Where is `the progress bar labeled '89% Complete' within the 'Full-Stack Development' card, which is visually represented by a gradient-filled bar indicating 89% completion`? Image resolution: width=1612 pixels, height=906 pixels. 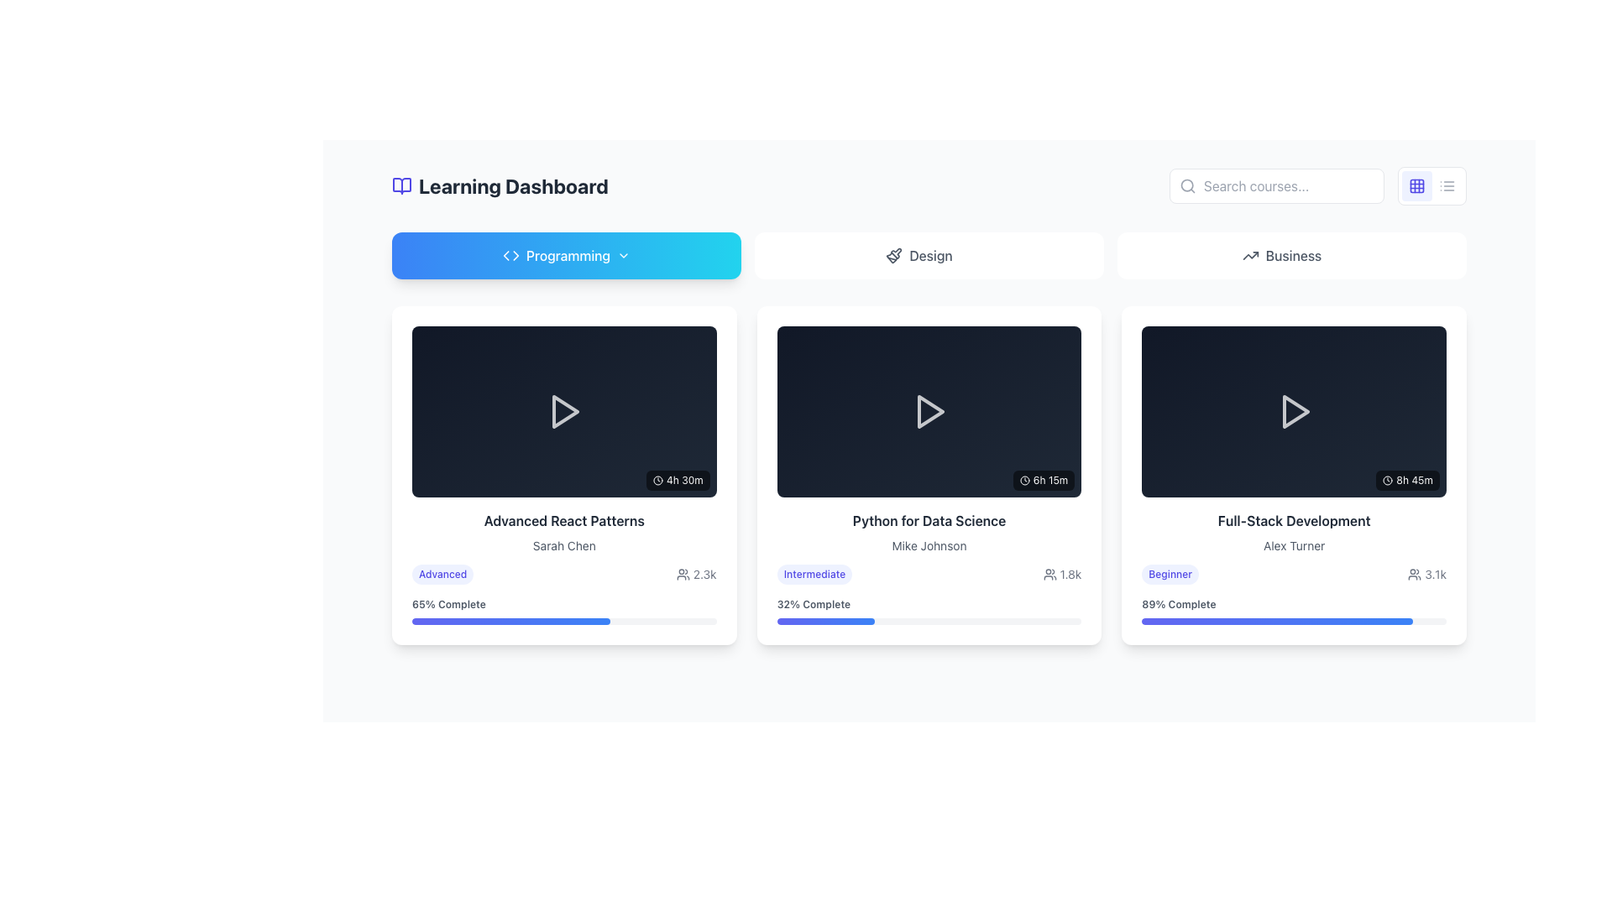 the progress bar labeled '89% Complete' within the 'Full-Stack Development' card, which is visually represented by a gradient-filled bar indicating 89% completion is located at coordinates (1293, 609).